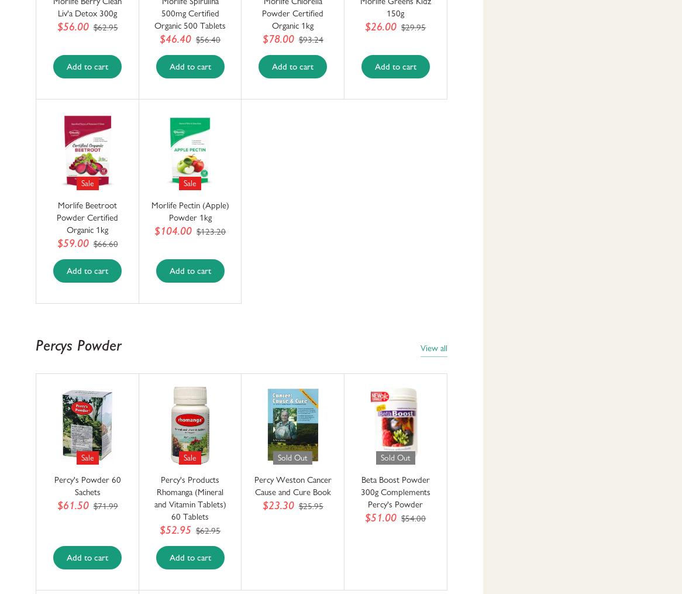 This screenshot has height=594, width=682. What do you see at coordinates (380, 517) in the screenshot?
I see `'$51.00'` at bounding box center [380, 517].